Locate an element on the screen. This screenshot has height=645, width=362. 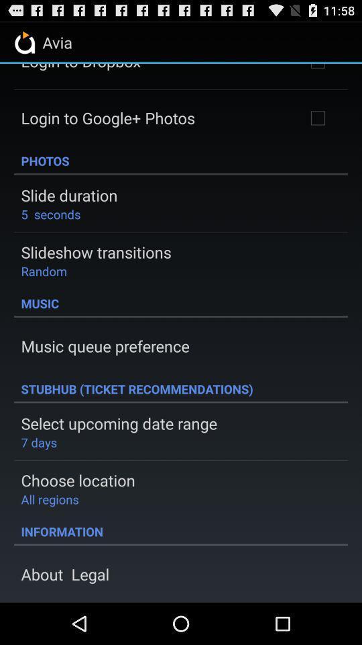
the icon below the photos item is located at coordinates (69, 194).